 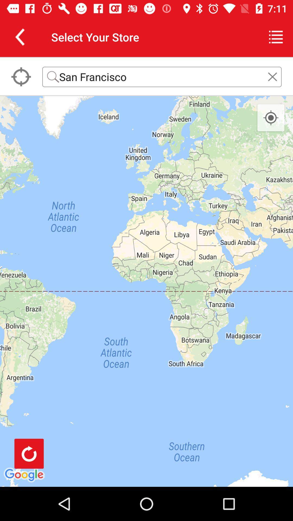 What do you see at coordinates (21, 77) in the screenshot?
I see `item to the left of san francisco item` at bounding box center [21, 77].